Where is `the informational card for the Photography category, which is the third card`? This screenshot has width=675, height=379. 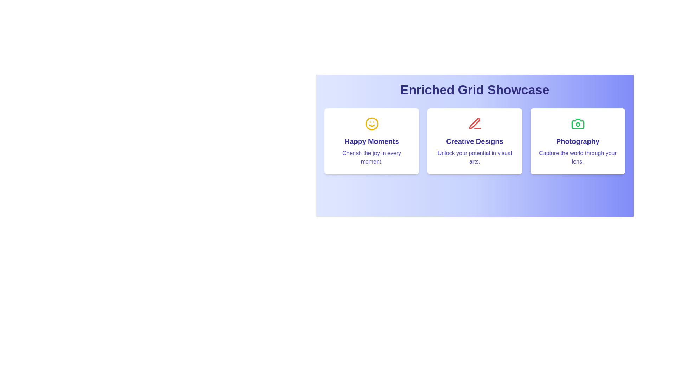 the informational card for the Photography category, which is the third card is located at coordinates (578, 141).